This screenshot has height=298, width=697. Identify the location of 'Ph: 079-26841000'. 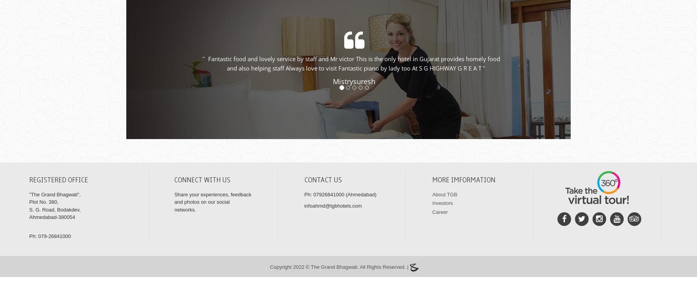
(50, 245).